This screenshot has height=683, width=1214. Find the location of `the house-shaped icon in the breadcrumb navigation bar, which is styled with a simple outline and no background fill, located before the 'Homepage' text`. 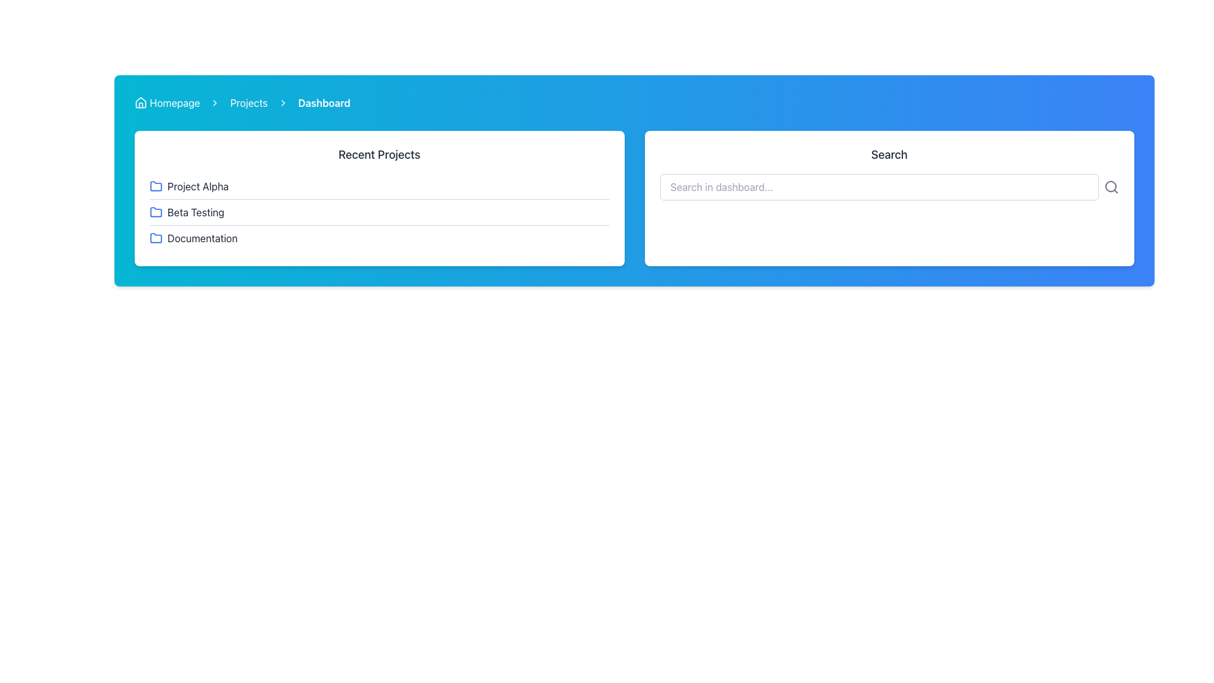

the house-shaped icon in the breadcrumb navigation bar, which is styled with a simple outline and no background fill, located before the 'Homepage' text is located at coordinates (140, 102).